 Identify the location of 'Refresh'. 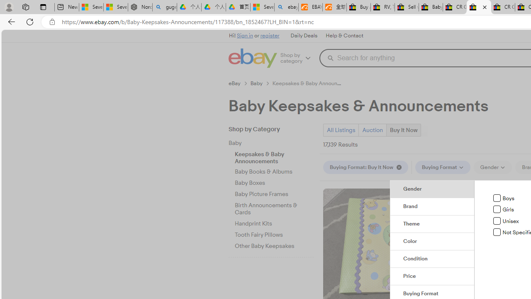
(30, 21).